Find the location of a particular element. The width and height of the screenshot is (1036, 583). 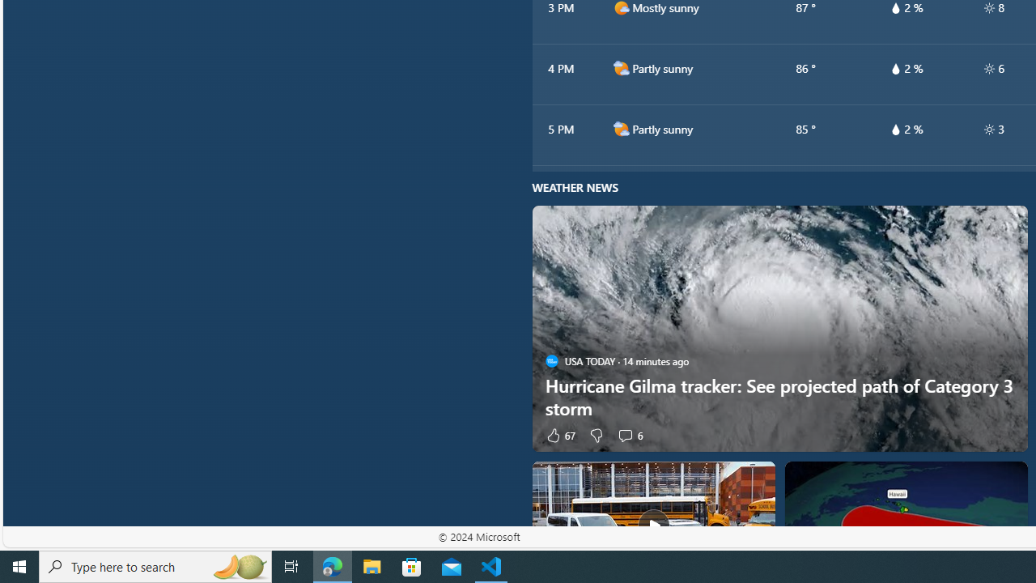

'hourlyTable/drop' is located at coordinates (894, 128).